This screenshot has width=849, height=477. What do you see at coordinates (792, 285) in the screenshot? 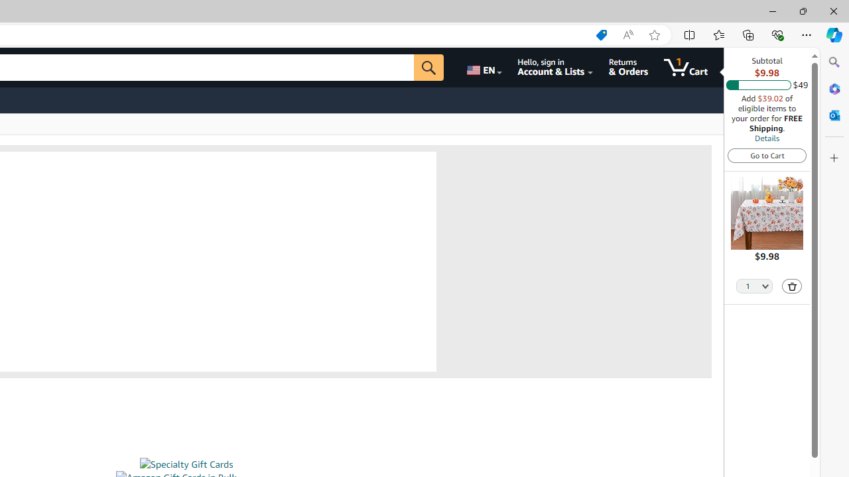
I see `'Delete'` at bounding box center [792, 285].